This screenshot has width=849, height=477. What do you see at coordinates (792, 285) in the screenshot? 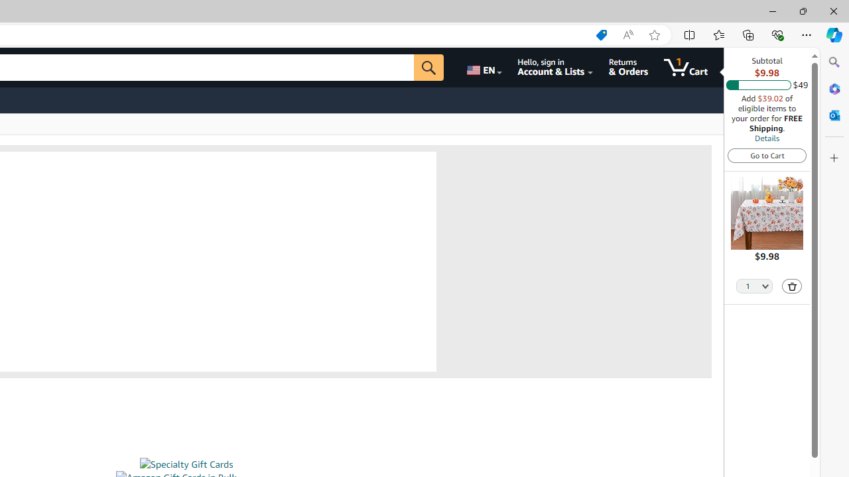
I see `'Delete'` at bounding box center [792, 285].